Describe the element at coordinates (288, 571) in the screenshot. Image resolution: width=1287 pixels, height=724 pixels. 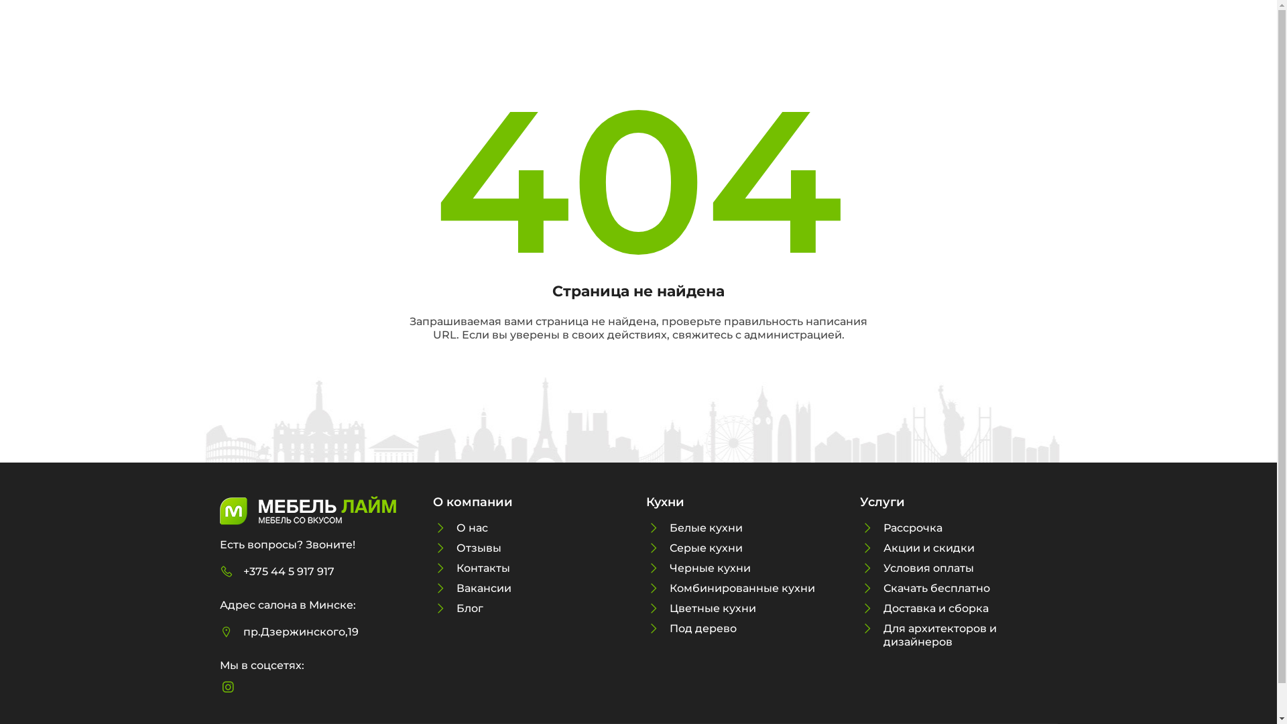
I see `'+375 44 5 917 917'` at that location.